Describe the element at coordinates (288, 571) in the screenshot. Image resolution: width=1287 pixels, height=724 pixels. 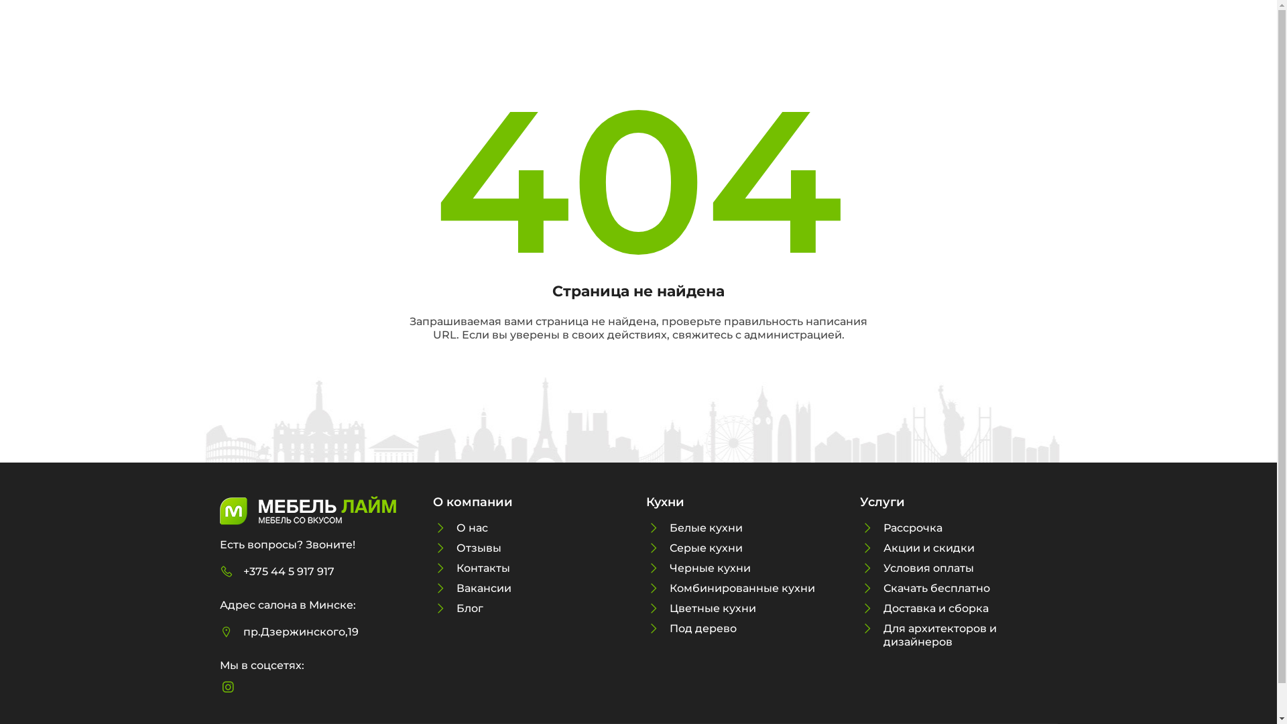
I see `'+375 44 5 917 917'` at that location.